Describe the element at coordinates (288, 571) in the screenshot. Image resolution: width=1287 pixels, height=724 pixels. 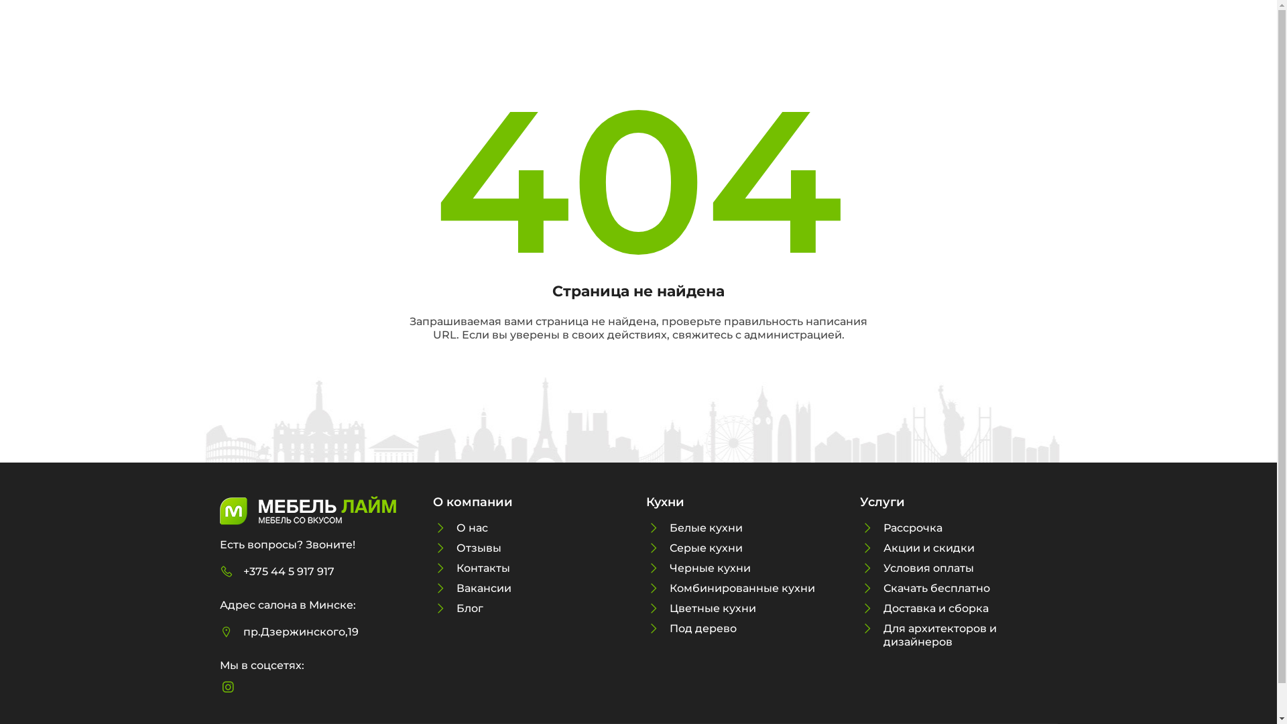
I see `'+375 44 5 917 917'` at that location.